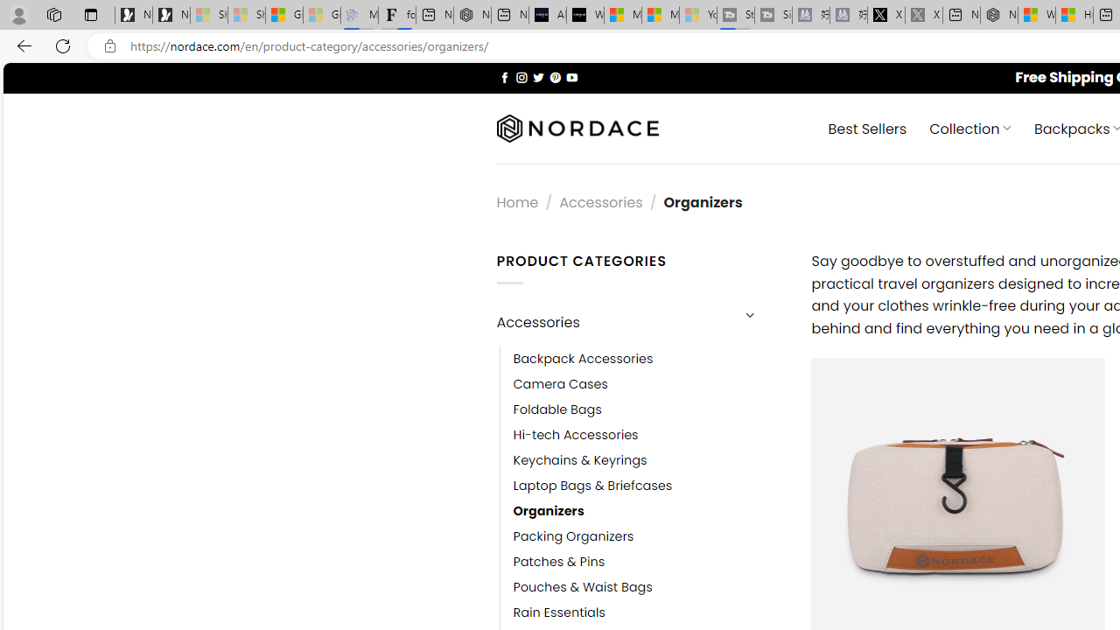 The width and height of the screenshot is (1120, 630). What do you see at coordinates (583, 587) in the screenshot?
I see `'Pouches & Waist Bags'` at bounding box center [583, 587].